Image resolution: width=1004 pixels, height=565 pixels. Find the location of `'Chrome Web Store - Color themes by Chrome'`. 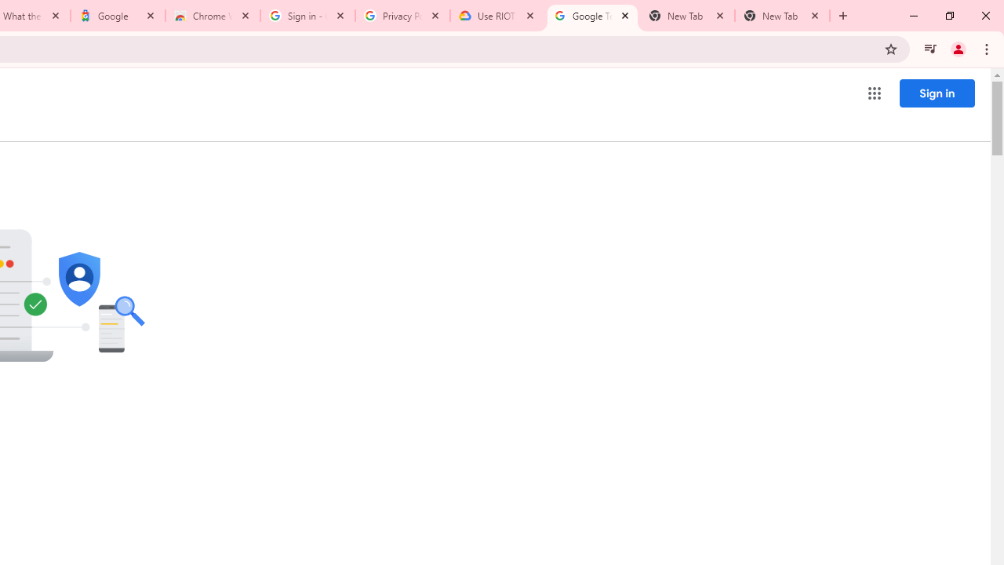

'Chrome Web Store - Color themes by Chrome' is located at coordinates (212, 16).